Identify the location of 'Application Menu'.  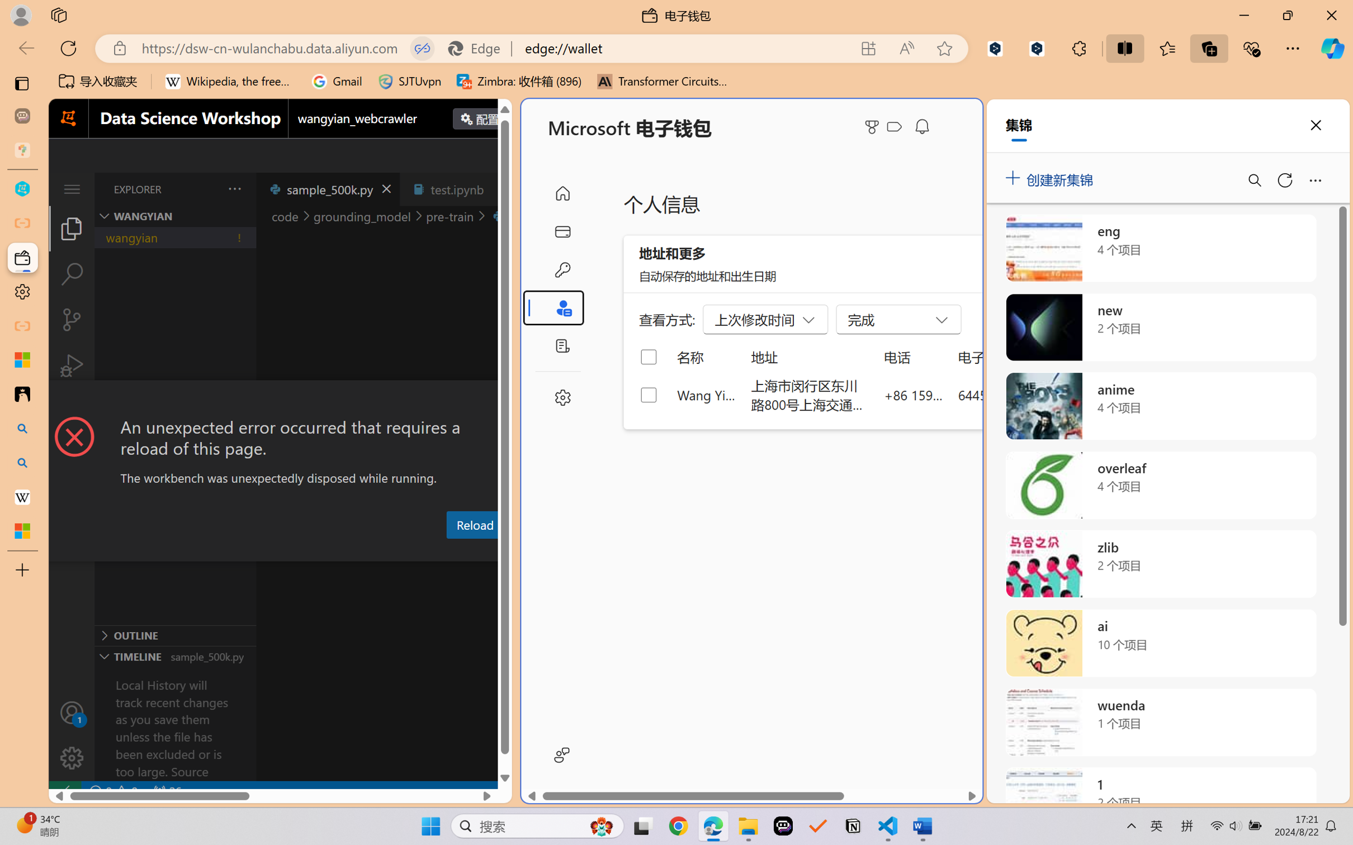
(71, 188).